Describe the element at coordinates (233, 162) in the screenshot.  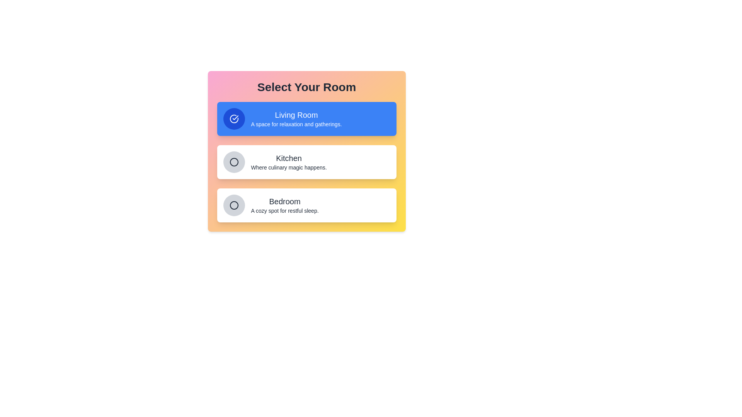
I see `the 'Kitchen' selection icon, which is located to the left of the text 'Kitchen' in the second list item` at that location.